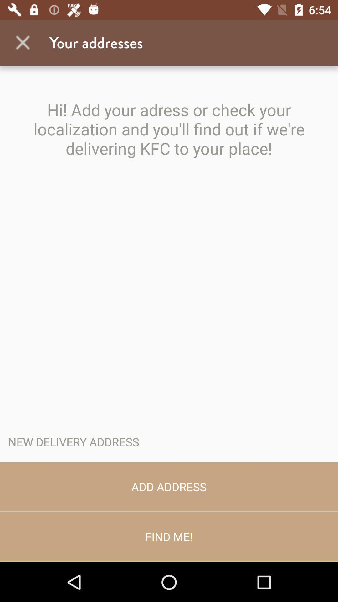 Image resolution: width=338 pixels, height=602 pixels. What do you see at coordinates (23, 42) in the screenshot?
I see `item next to your addresses` at bounding box center [23, 42].